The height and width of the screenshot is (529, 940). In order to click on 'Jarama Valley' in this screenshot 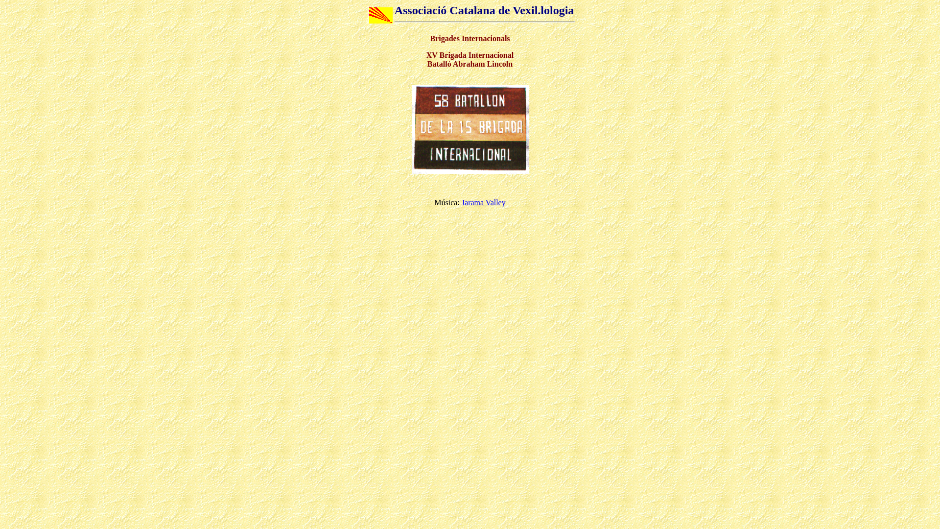, I will do `click(484, 202)`.